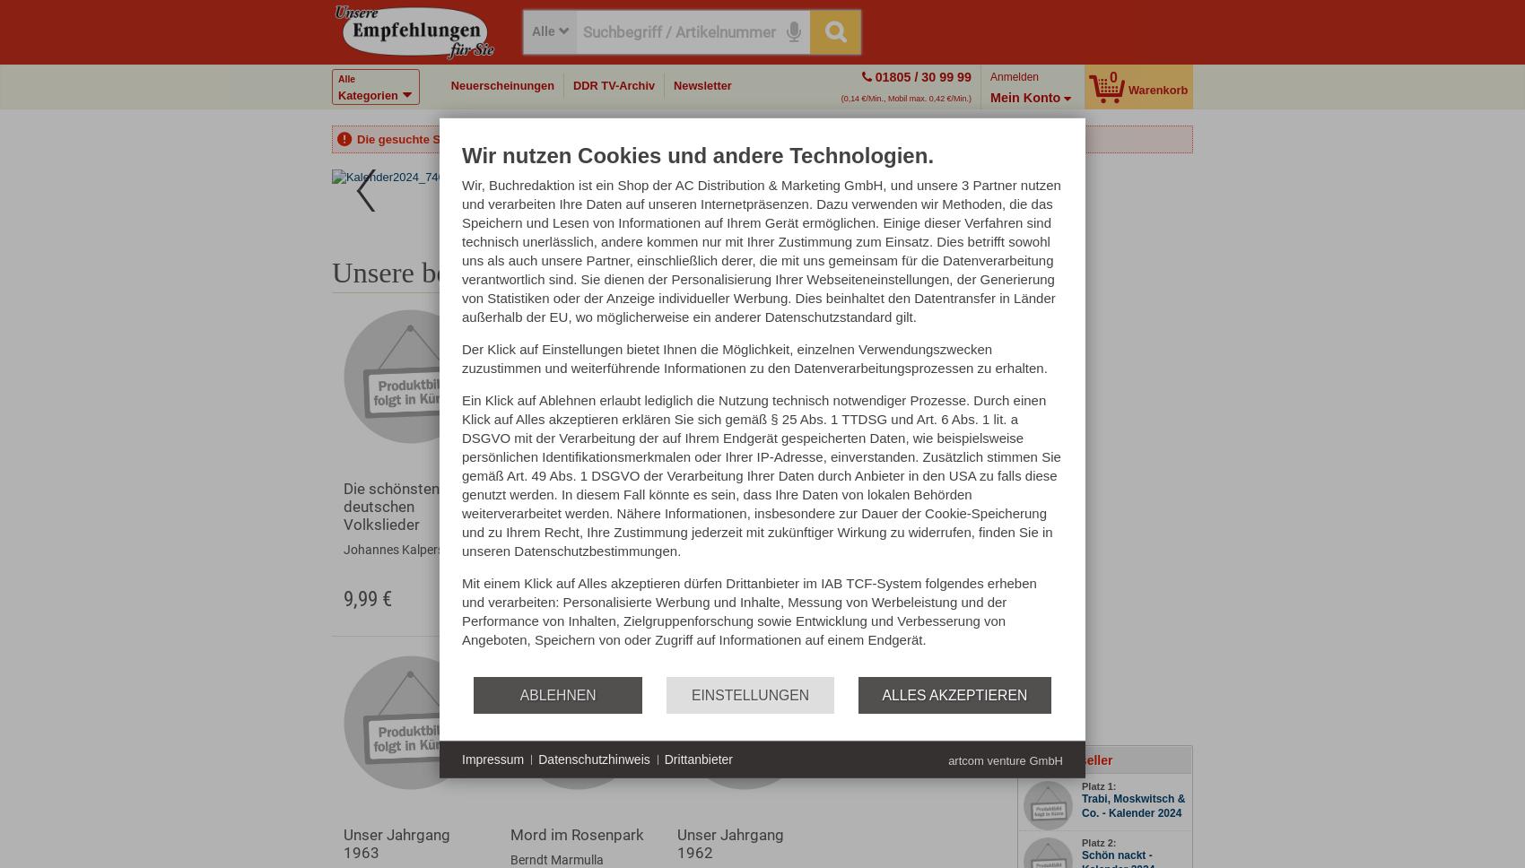 The image size is (1525, 868). What do you see at coordinates (702, 192) in the screenshot?
I see `'8'` at bounding box center [702, 192].